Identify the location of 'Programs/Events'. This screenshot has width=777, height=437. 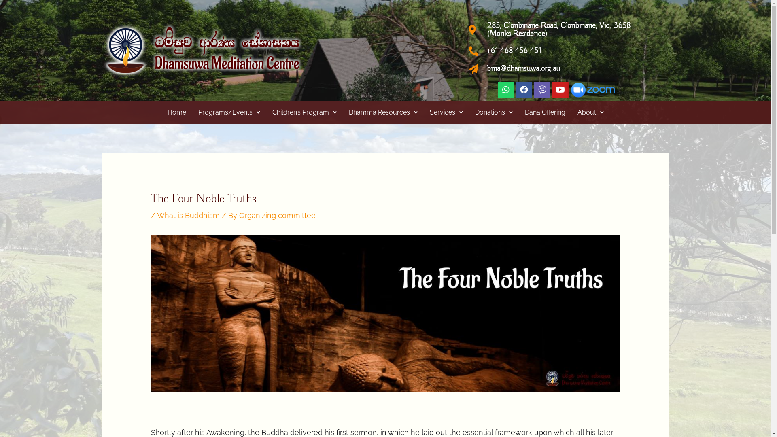
(228, 112).